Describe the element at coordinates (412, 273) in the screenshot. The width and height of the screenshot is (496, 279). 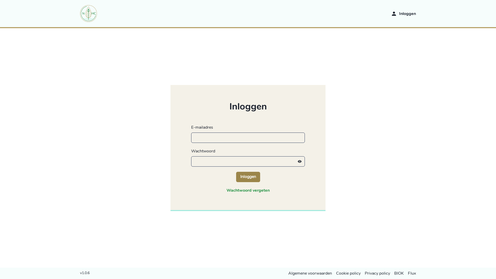
I see `'Flux'` at that location.